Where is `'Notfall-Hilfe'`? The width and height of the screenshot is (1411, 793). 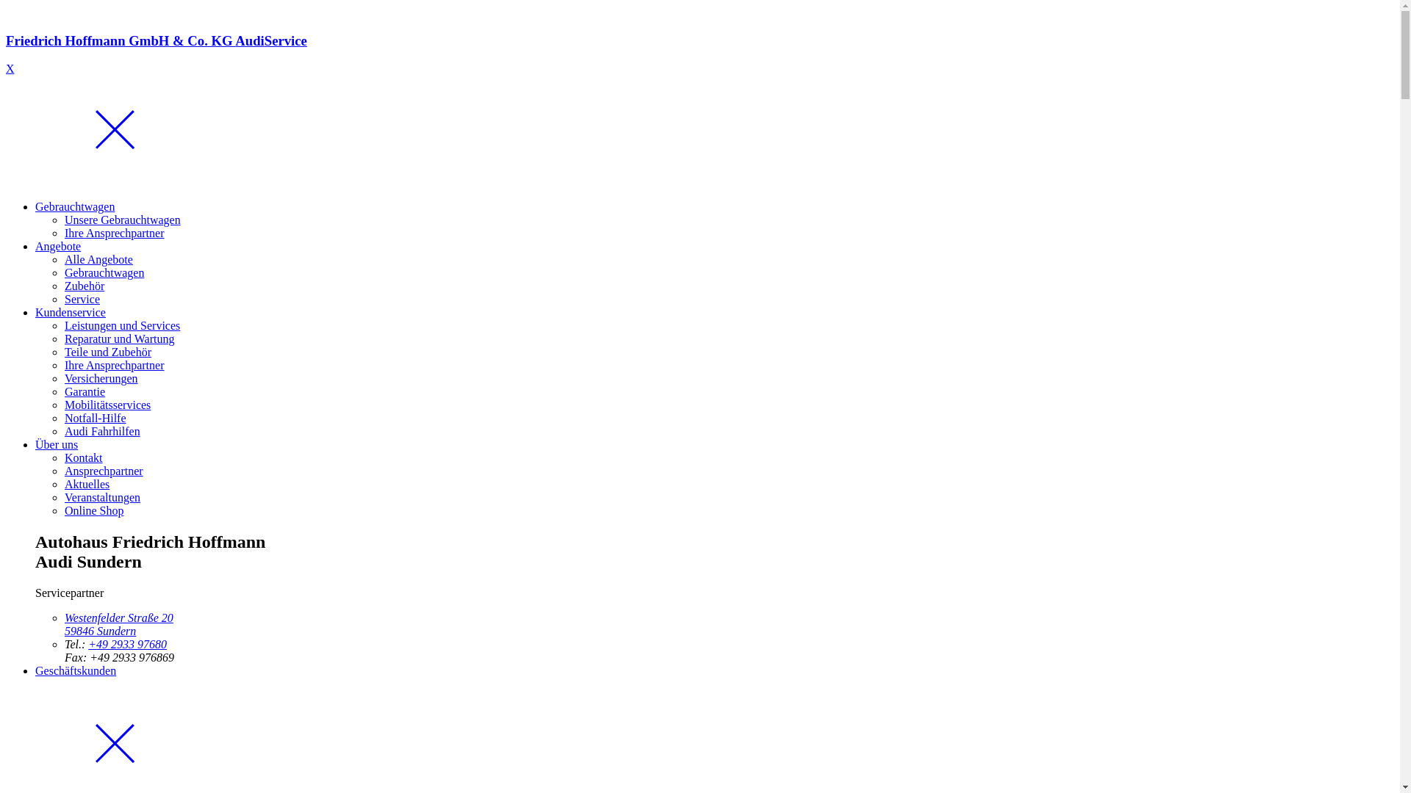
'Notfall-Hilfe' is located at coordinates (94, 418).